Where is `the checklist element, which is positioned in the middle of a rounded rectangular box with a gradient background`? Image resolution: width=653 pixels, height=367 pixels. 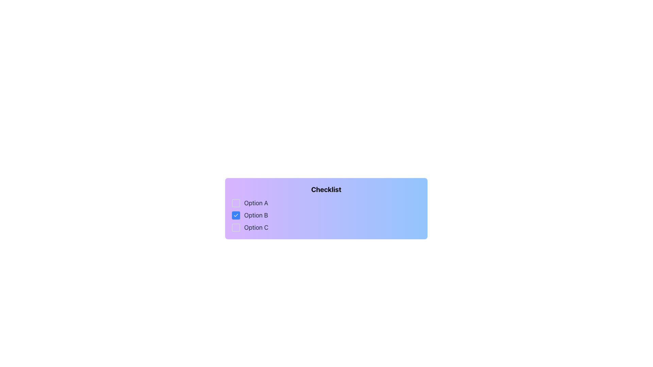
the checklist element, which is positioned in the middle of a rounded rectangular box with a gradient background is located at coordinates (326, 215).